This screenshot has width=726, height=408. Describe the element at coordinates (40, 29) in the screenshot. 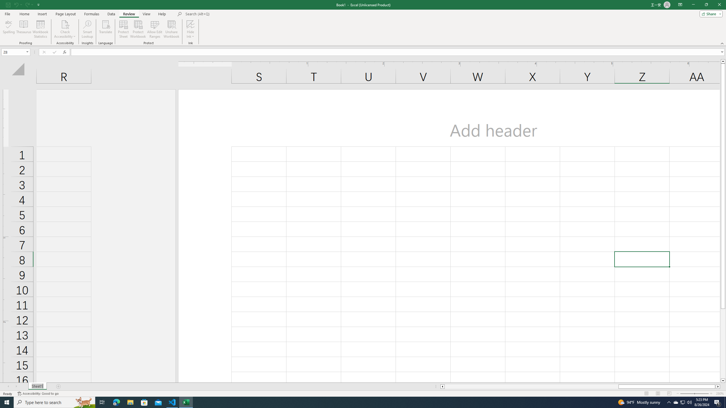

I see `'Workbook Statistics'` at that location.